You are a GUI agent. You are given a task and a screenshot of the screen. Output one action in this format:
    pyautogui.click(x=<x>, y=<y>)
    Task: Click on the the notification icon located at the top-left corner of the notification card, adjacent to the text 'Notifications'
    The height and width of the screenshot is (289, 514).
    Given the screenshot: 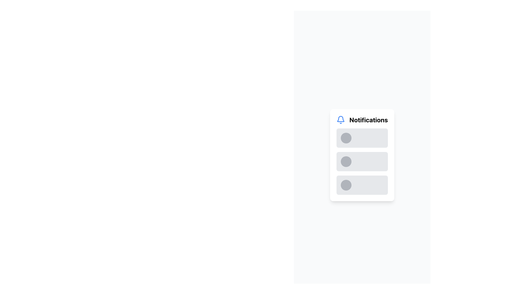 What is the action you would take?
    pyautogui.click(x=341, y=119)
    